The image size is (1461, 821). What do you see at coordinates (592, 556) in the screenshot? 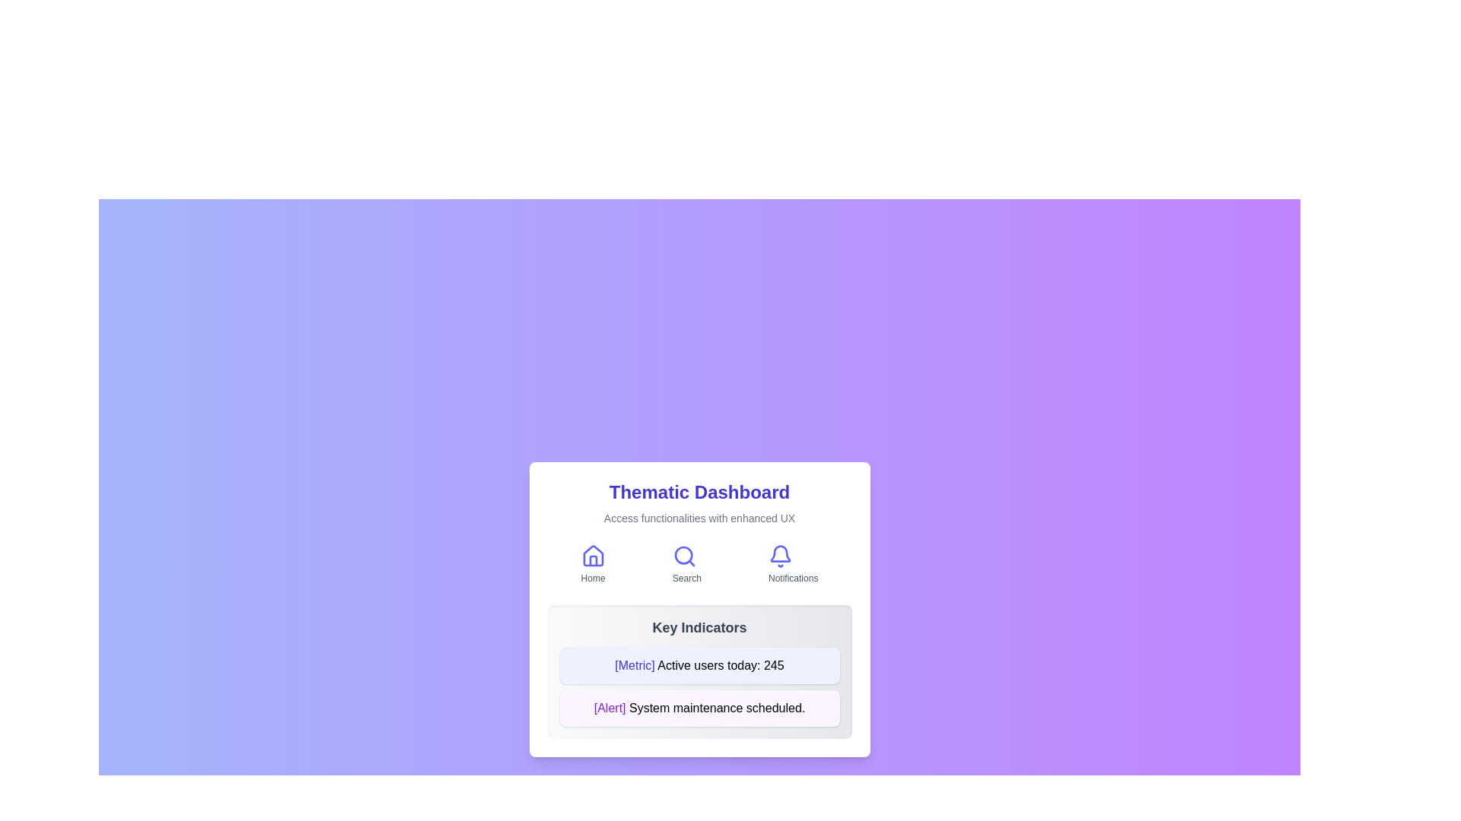
I see `the stylized house icon with a gradient indigo shade, which is part of the 'Home' navigation button located in the top-left corner of the main feature box` at bounding box center [592, 556].